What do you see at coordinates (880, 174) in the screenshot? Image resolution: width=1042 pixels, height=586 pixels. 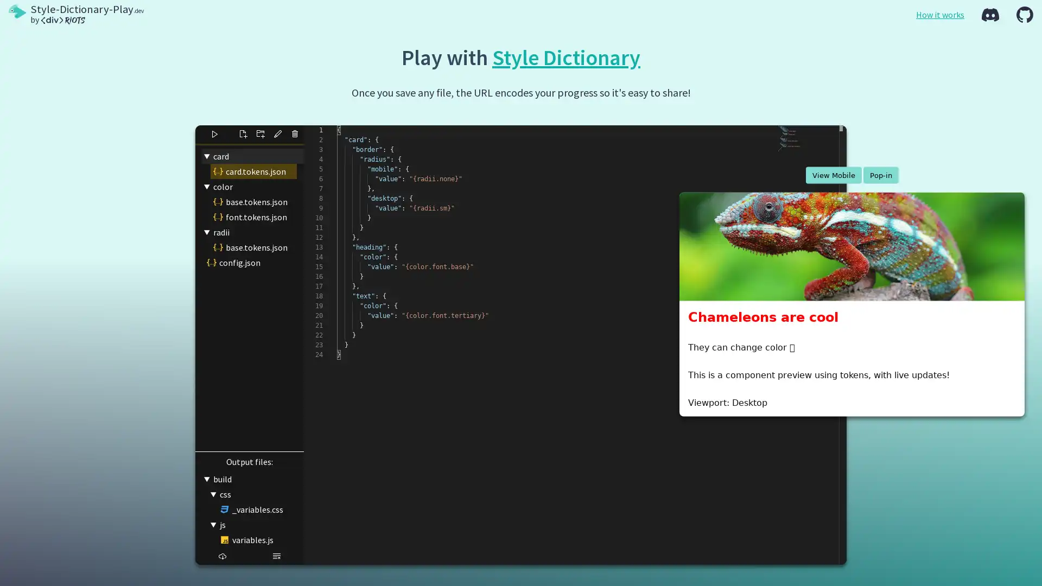 I see `Pop-in` at bounding box center [880, 174].